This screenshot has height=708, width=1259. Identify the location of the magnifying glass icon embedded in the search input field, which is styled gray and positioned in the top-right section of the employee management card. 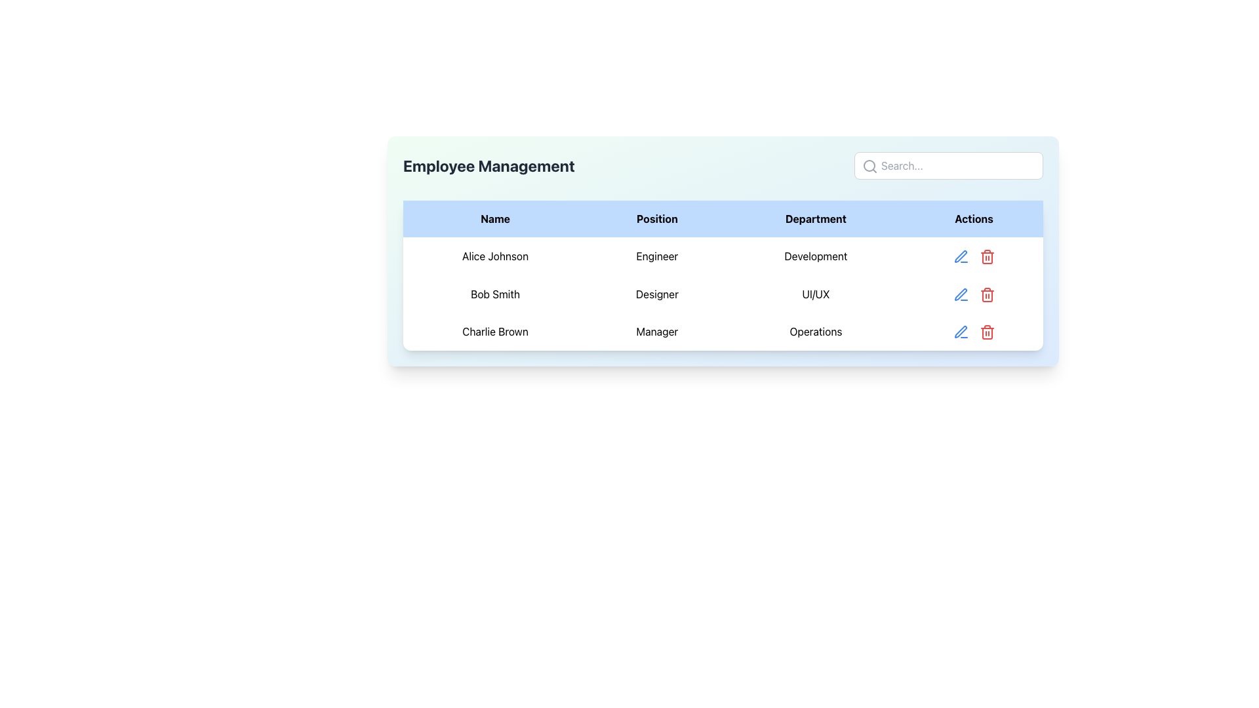
(869, 166).